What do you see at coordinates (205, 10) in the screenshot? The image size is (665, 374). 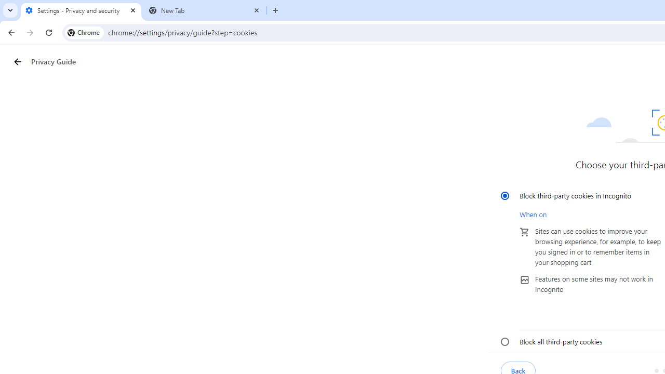 I see `'New Tab'` at bounding box center [205, 10].